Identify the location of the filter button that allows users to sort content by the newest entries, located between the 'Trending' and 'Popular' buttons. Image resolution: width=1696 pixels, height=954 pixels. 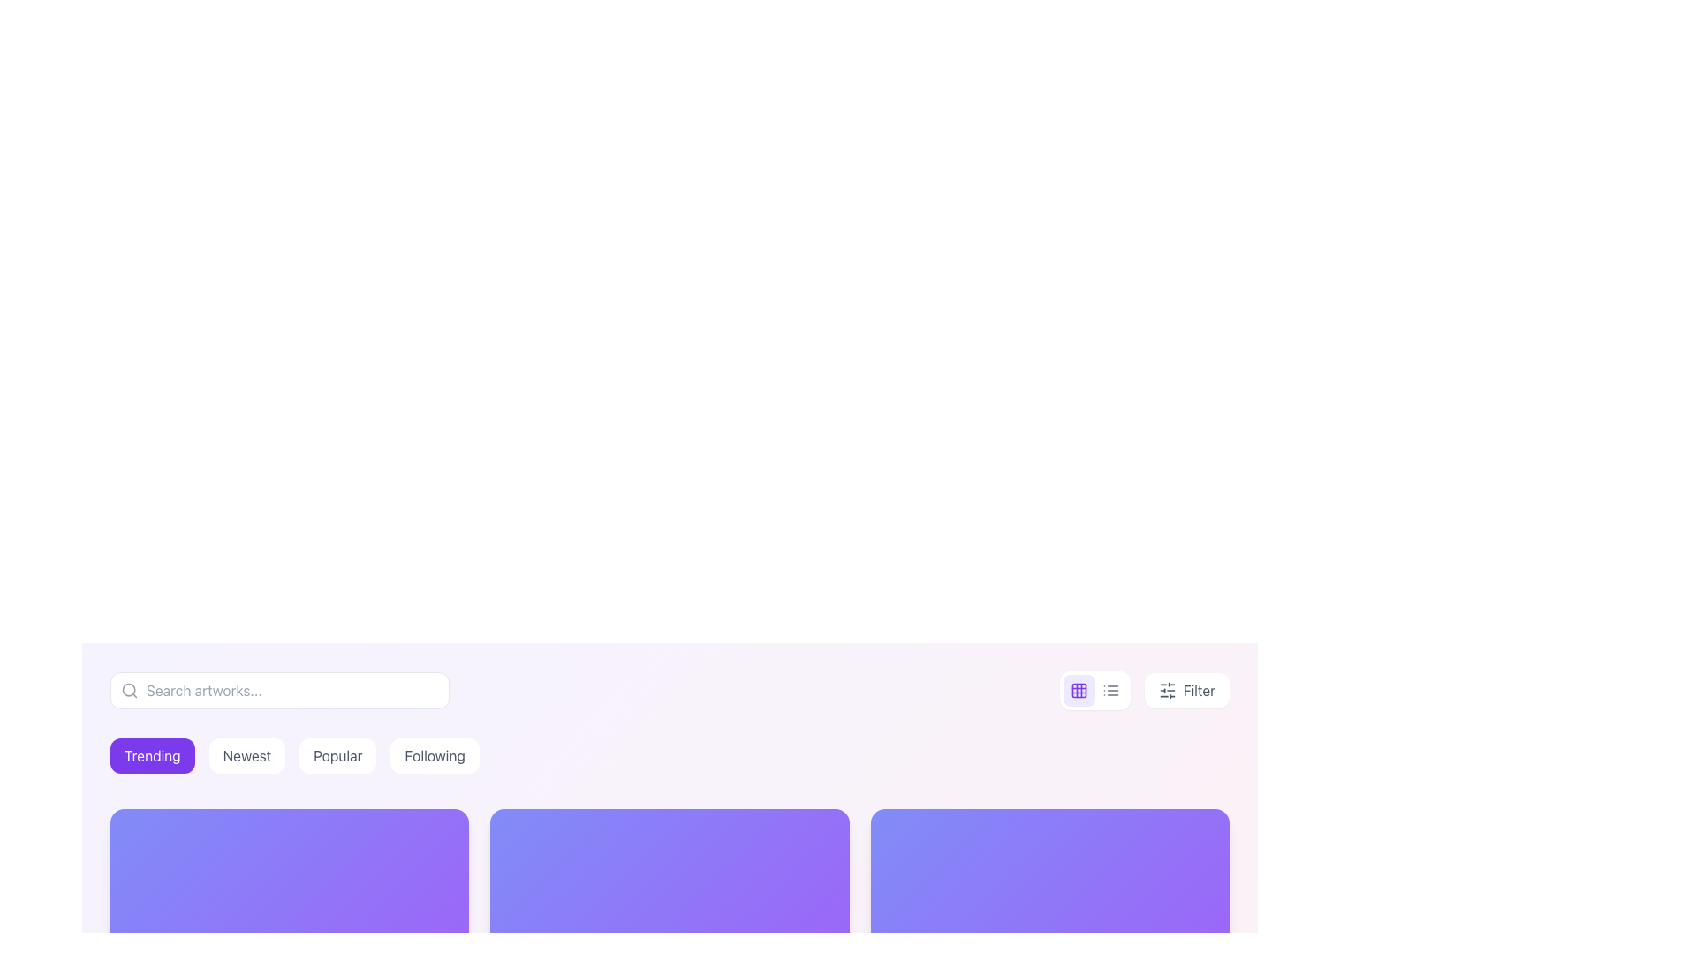
(246, 755).